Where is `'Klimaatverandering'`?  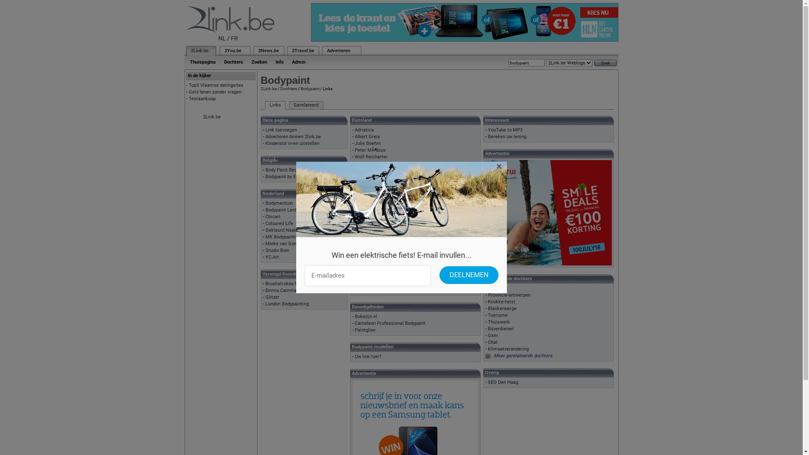 'Klimaatverandering' is located at coordinates (508, 349).